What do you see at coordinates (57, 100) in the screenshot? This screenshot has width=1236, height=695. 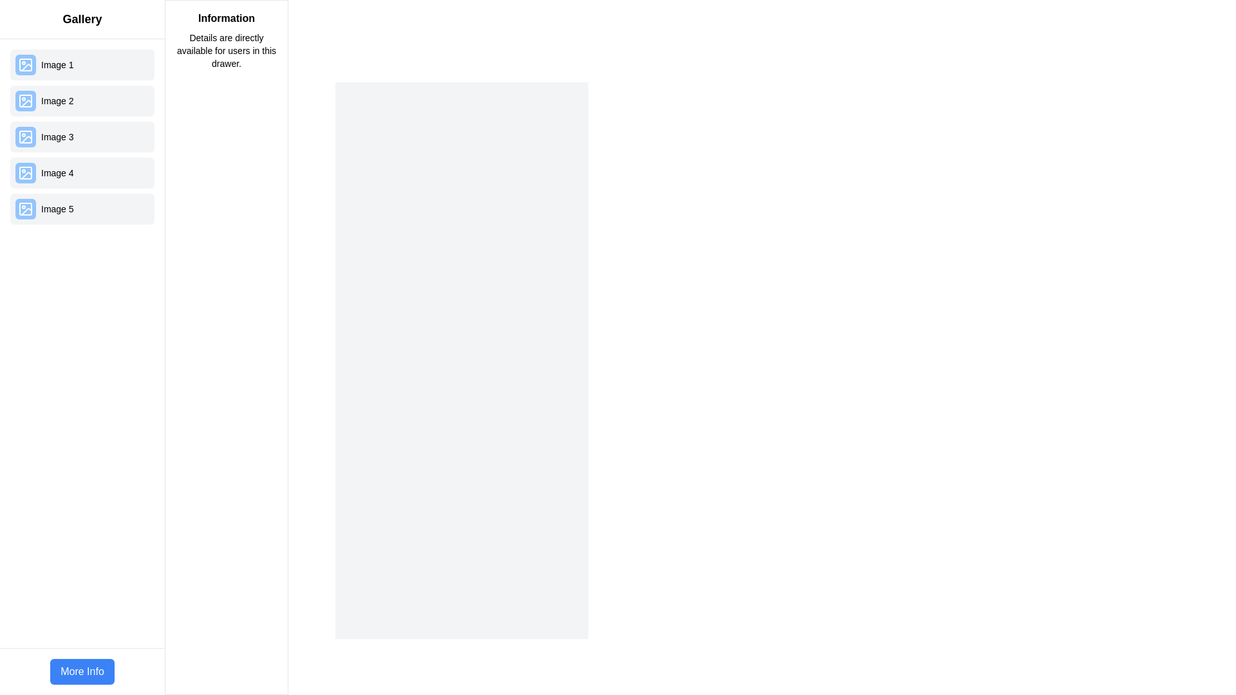 I see `the text label that provides identification information for the associated image entry in the gallery list` at bounding box center [57, 100].